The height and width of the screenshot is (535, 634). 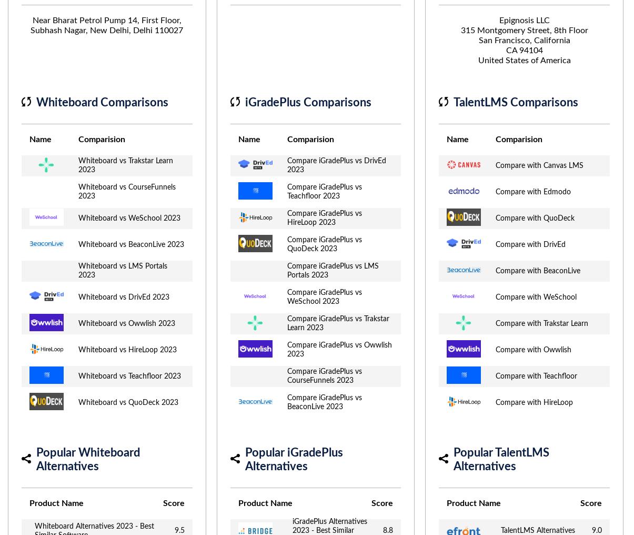 I want to click on 'Compare with DrivEd', so click(x=530, y=244).